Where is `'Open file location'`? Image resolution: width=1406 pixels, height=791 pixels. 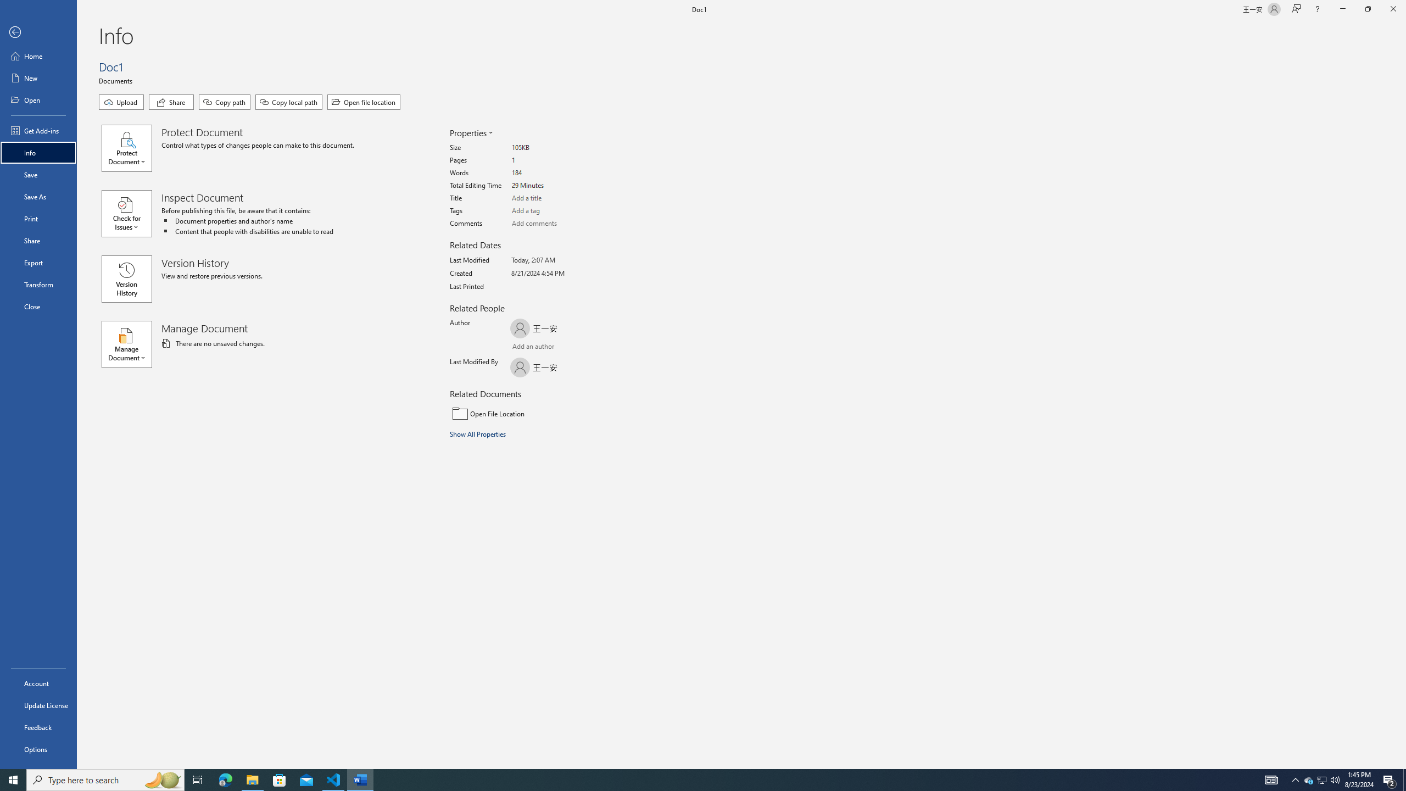 'Open file location' is located at coordinates (364, 101).